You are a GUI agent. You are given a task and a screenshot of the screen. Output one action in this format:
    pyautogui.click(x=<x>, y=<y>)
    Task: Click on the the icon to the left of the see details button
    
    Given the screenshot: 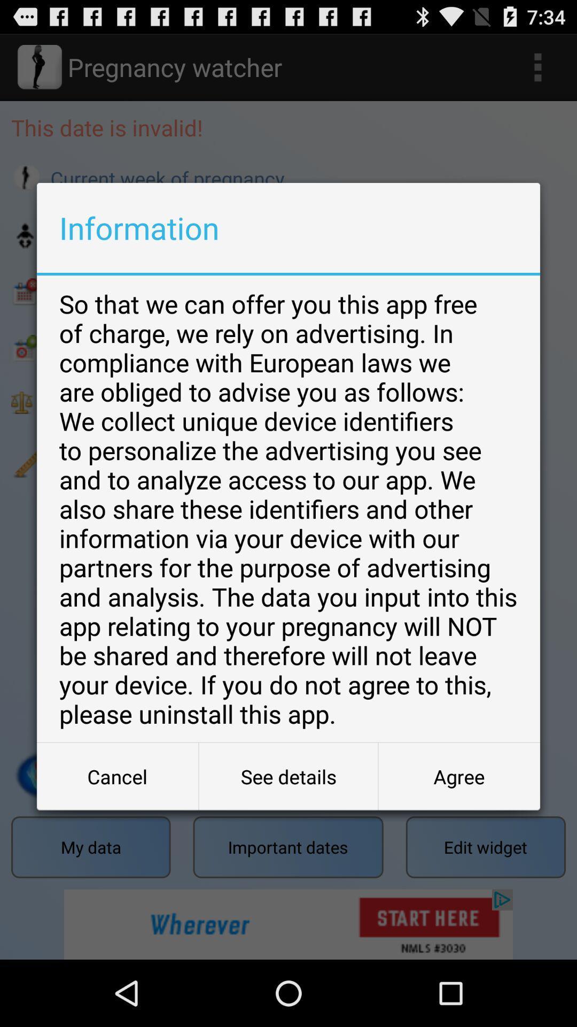 What is the action you would take?
    pyautogui.click(x=118, y=776)
    